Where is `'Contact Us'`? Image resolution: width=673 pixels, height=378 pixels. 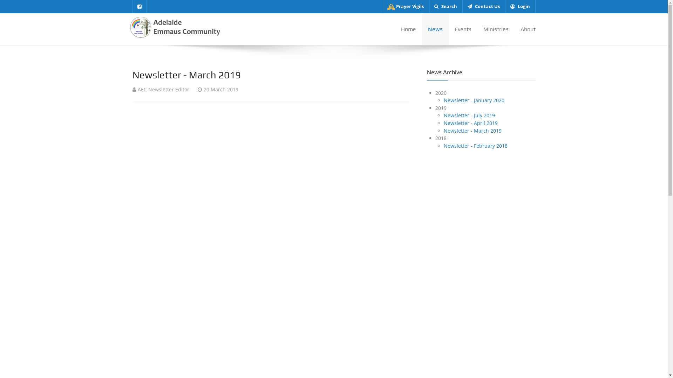
'Contact Us' is located at coordinates (483, 7).